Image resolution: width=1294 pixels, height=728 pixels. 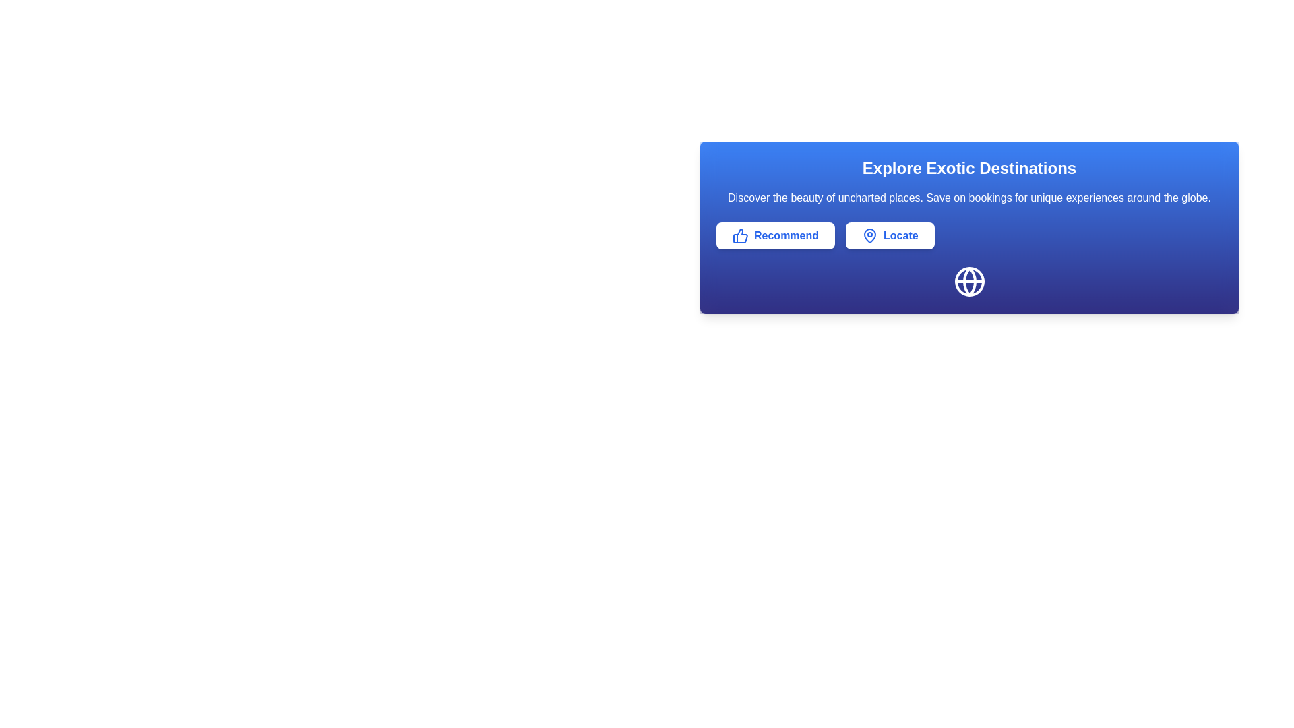 I want to click on the decorative SVG Circle that represents a rotating globe graphic, which is located below the 'Locate' button on the UI component, so click(x=968, y=280).